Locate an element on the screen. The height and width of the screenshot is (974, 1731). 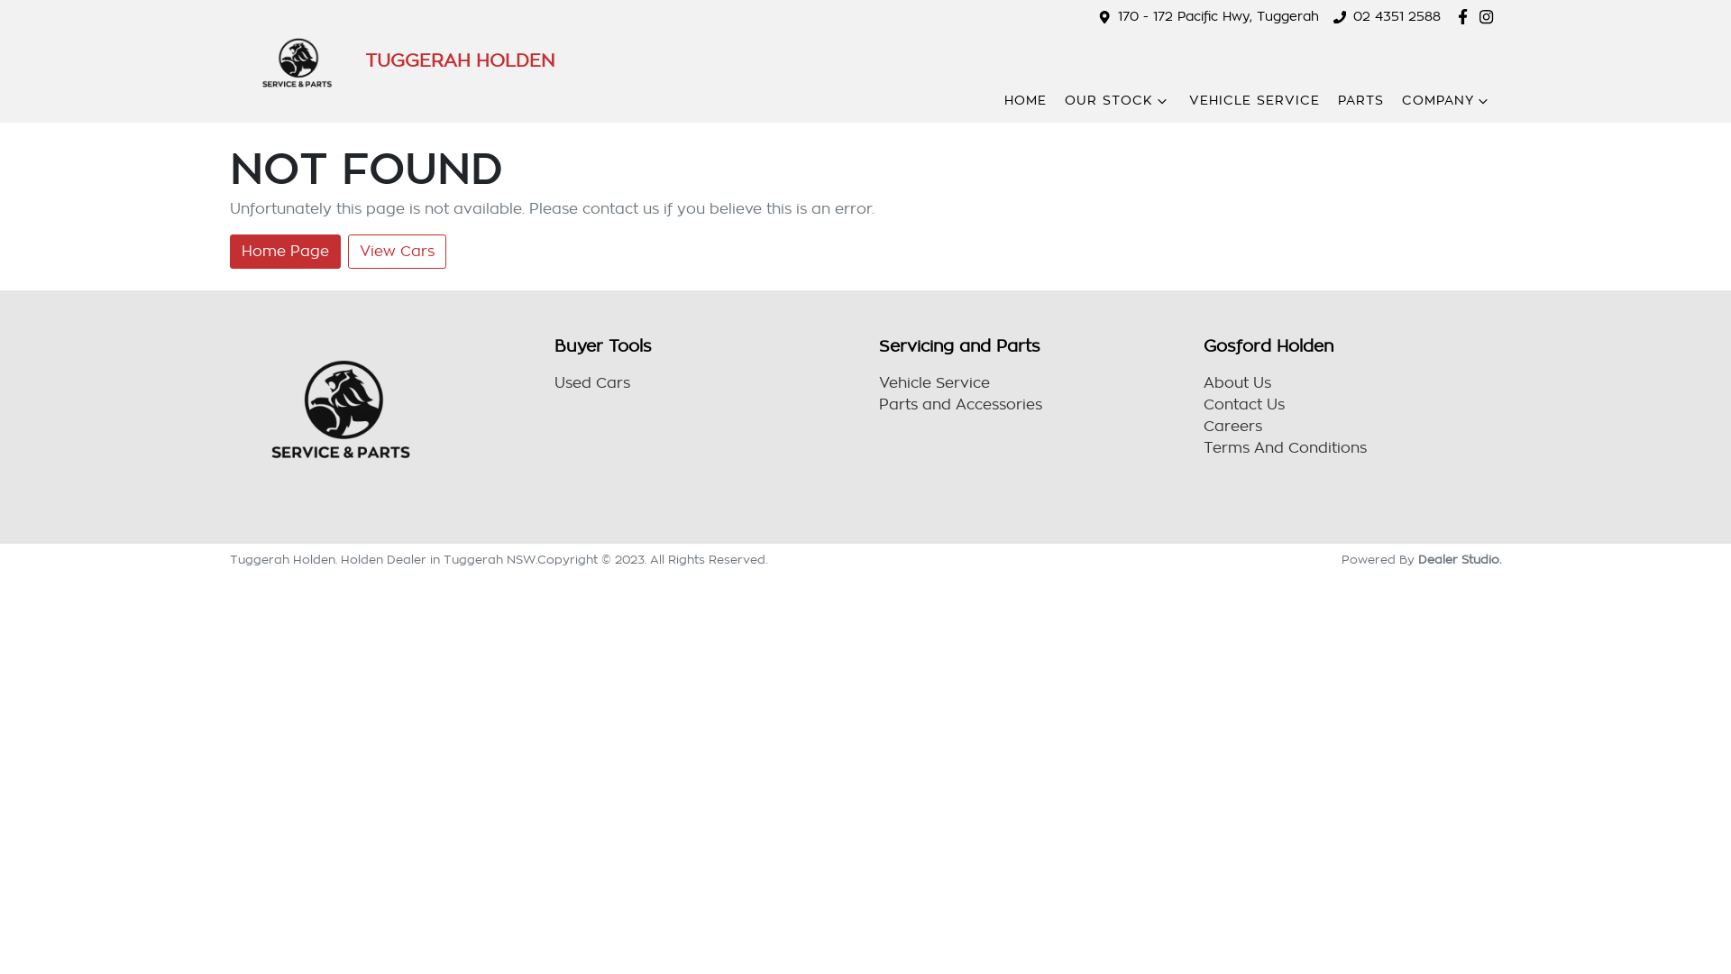
'Vehicle Service' is located at coordinates (878, 381).